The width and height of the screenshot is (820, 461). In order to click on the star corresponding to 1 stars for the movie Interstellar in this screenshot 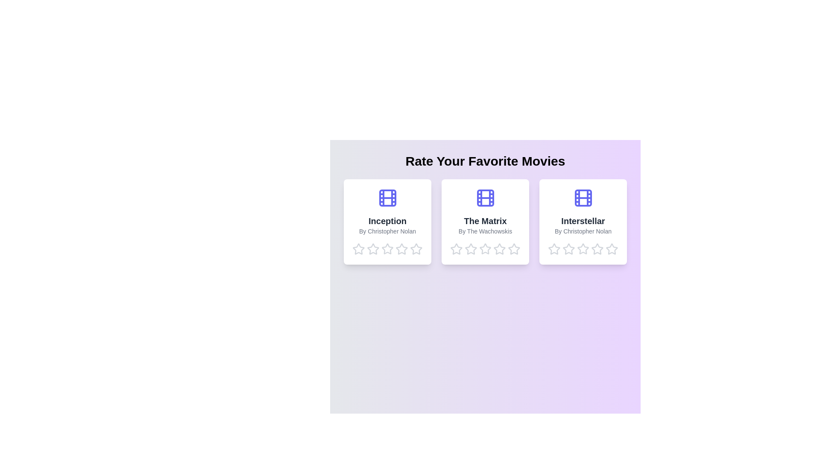, I will do `click(554, 249)`.